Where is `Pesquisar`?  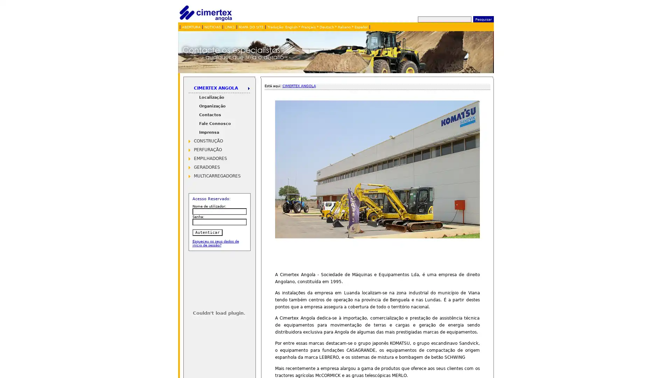 Pesquisar is located at coordinates (483, 19).